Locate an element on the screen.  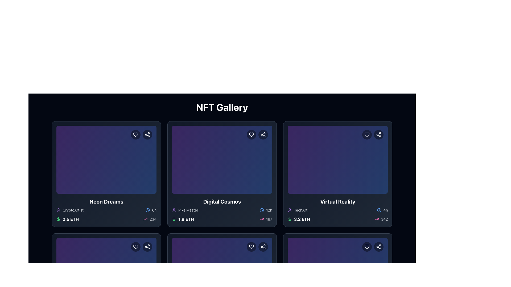
the static text label displaying the name or title of a creator or contributor located within the 'Virtual Reality' card, positioned to the right of the avatar icon is located at coordinates (301, 210).